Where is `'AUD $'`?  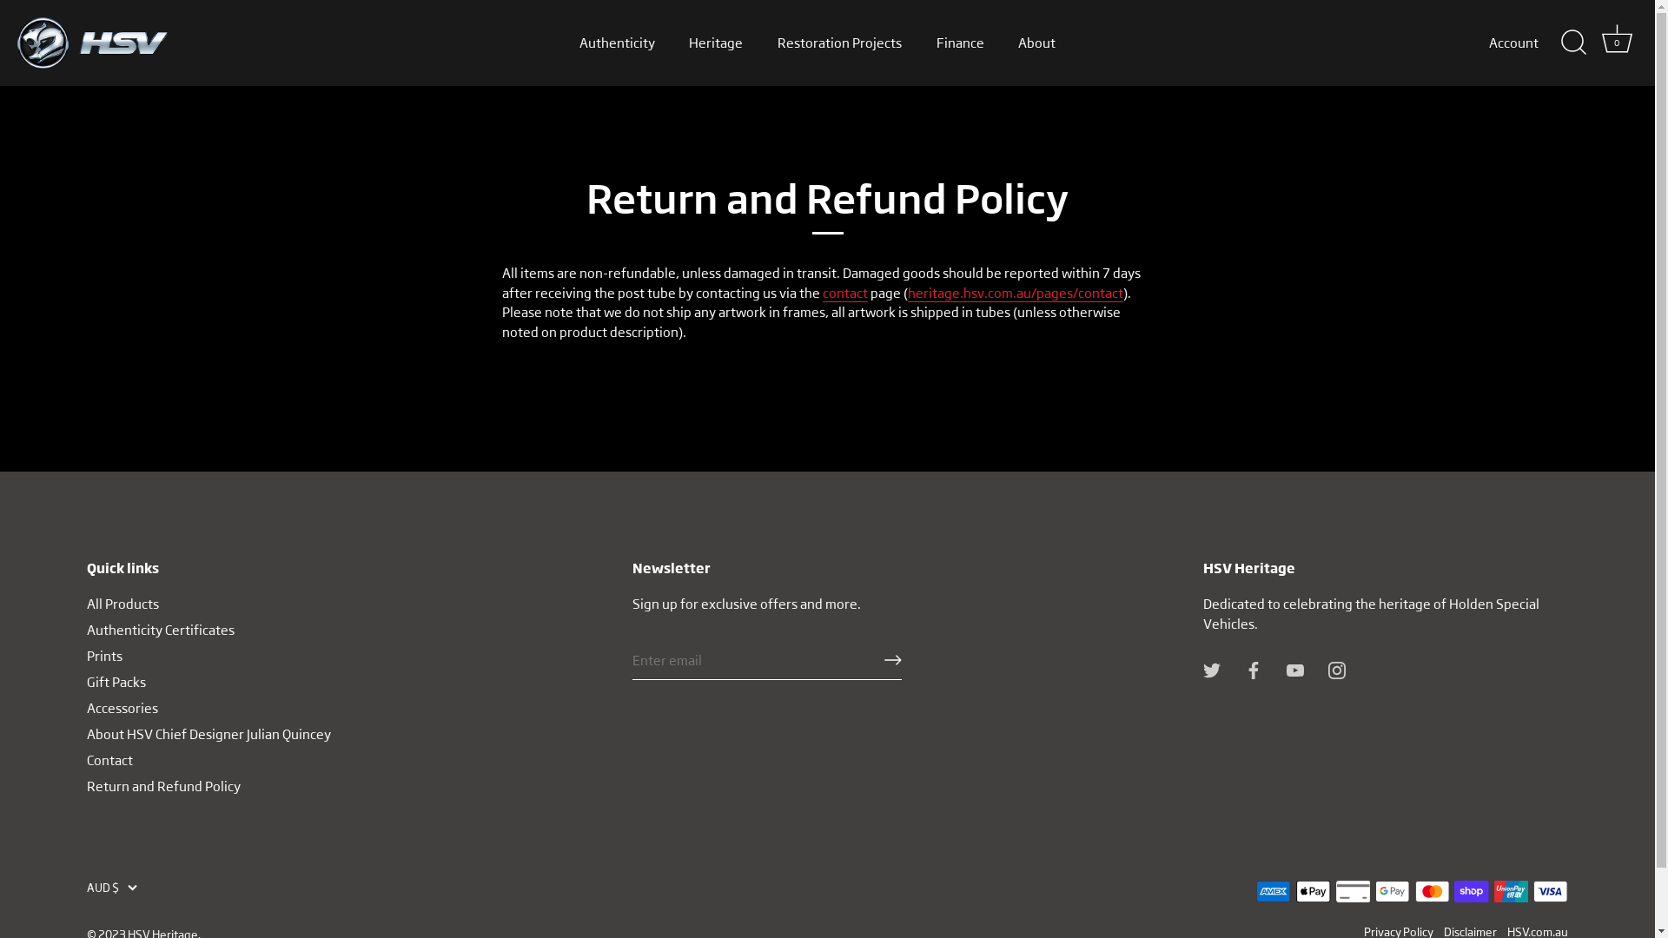 'AUD $' is located at coordinates (121, 888).